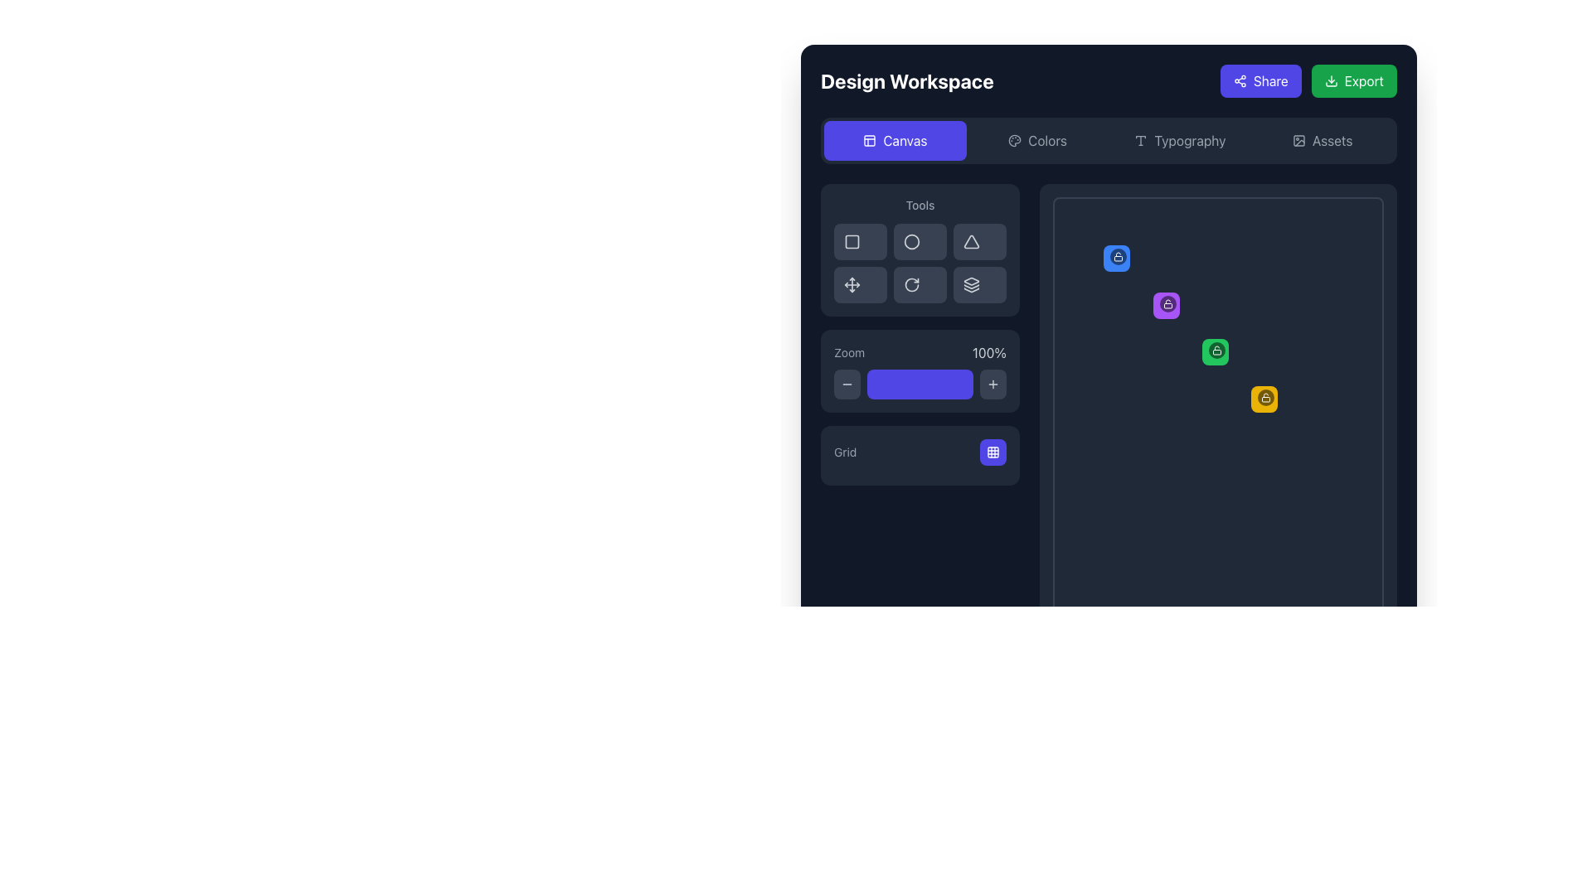 Image resolution: width=1592 pixels, height=895 pixels. I want to click on the triangle icon in the 'Tools' section of the sidebar, so click(971, 242).